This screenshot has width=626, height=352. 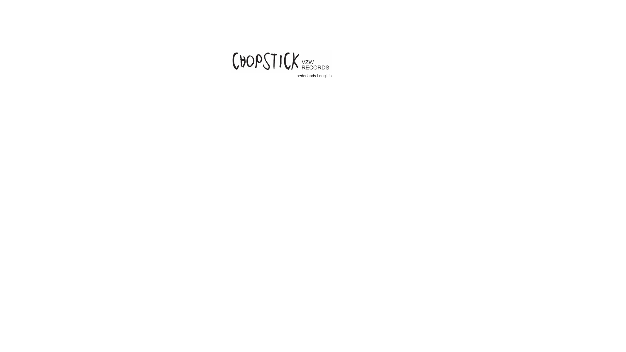 What do you see at coordinates (306, 75) in the screenshot?
I see `'nederlands'` at bounding box center [306, 75].